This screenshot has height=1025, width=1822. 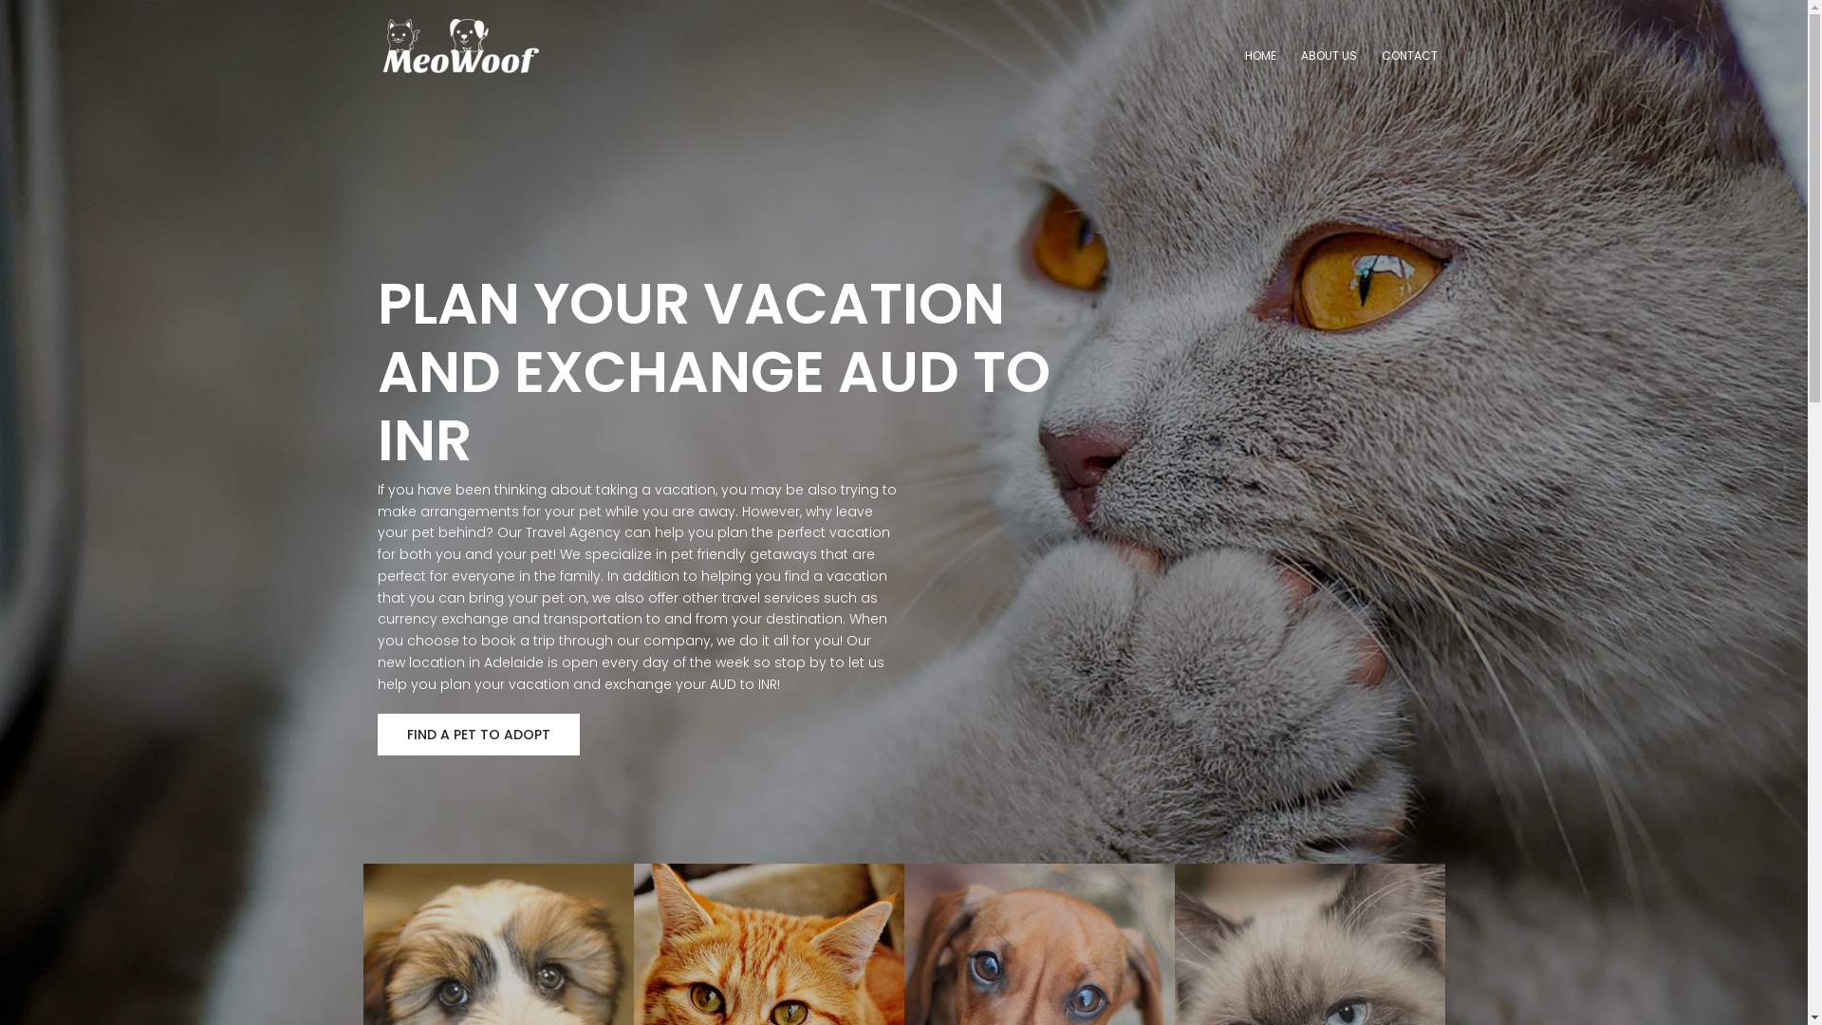 What do you see at coordinates (1260, 55) in the screenshot?
I see `'HOME'` at bounding box center [1260, 55].